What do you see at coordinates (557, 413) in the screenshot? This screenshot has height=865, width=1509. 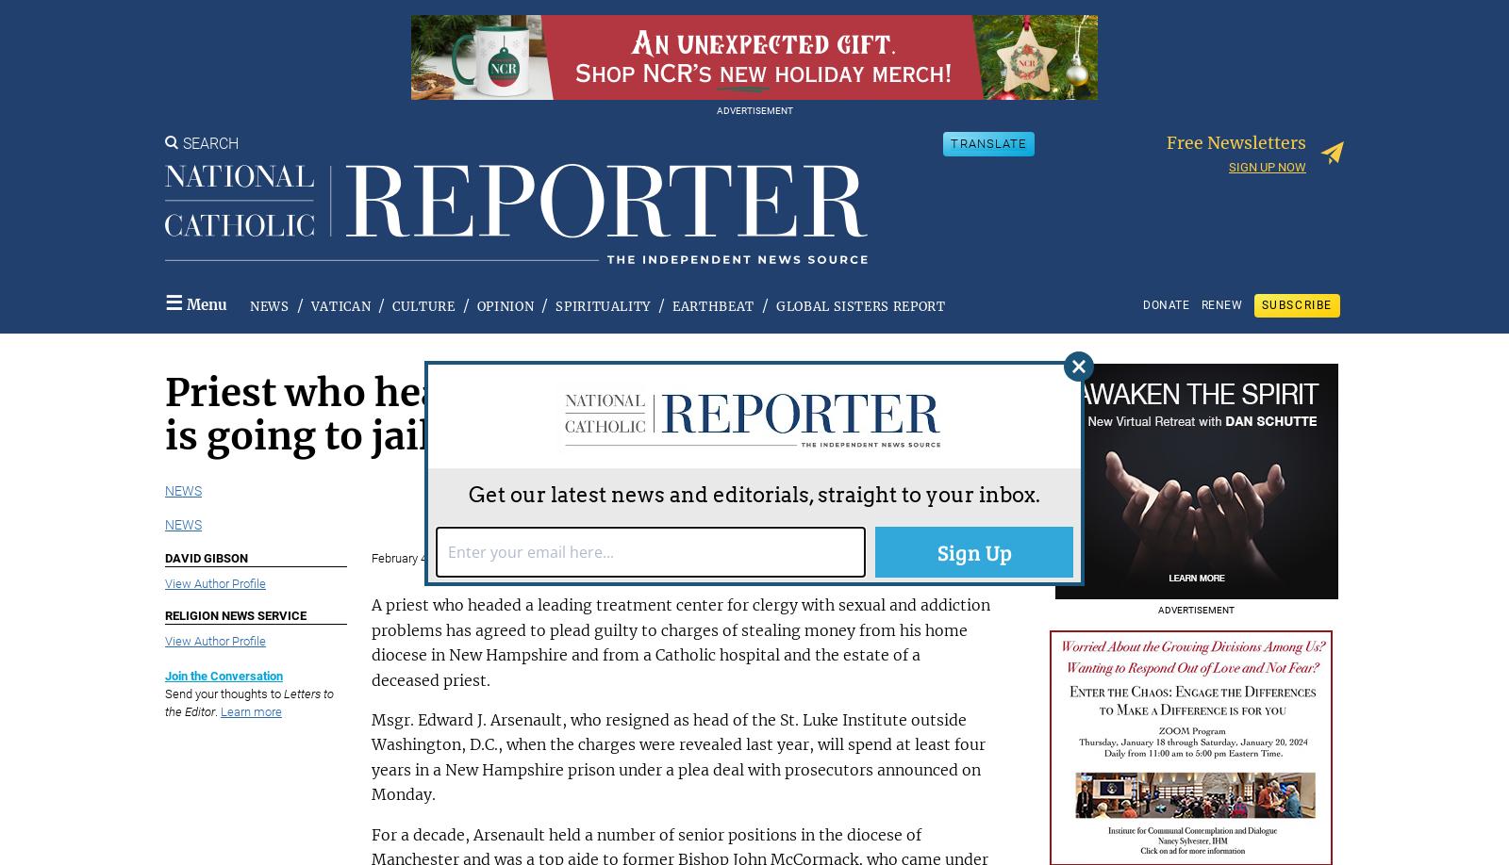 I see `'Priest who headed clergy addiction center is going to jail for fraud'` at bounding box center [557, 413].